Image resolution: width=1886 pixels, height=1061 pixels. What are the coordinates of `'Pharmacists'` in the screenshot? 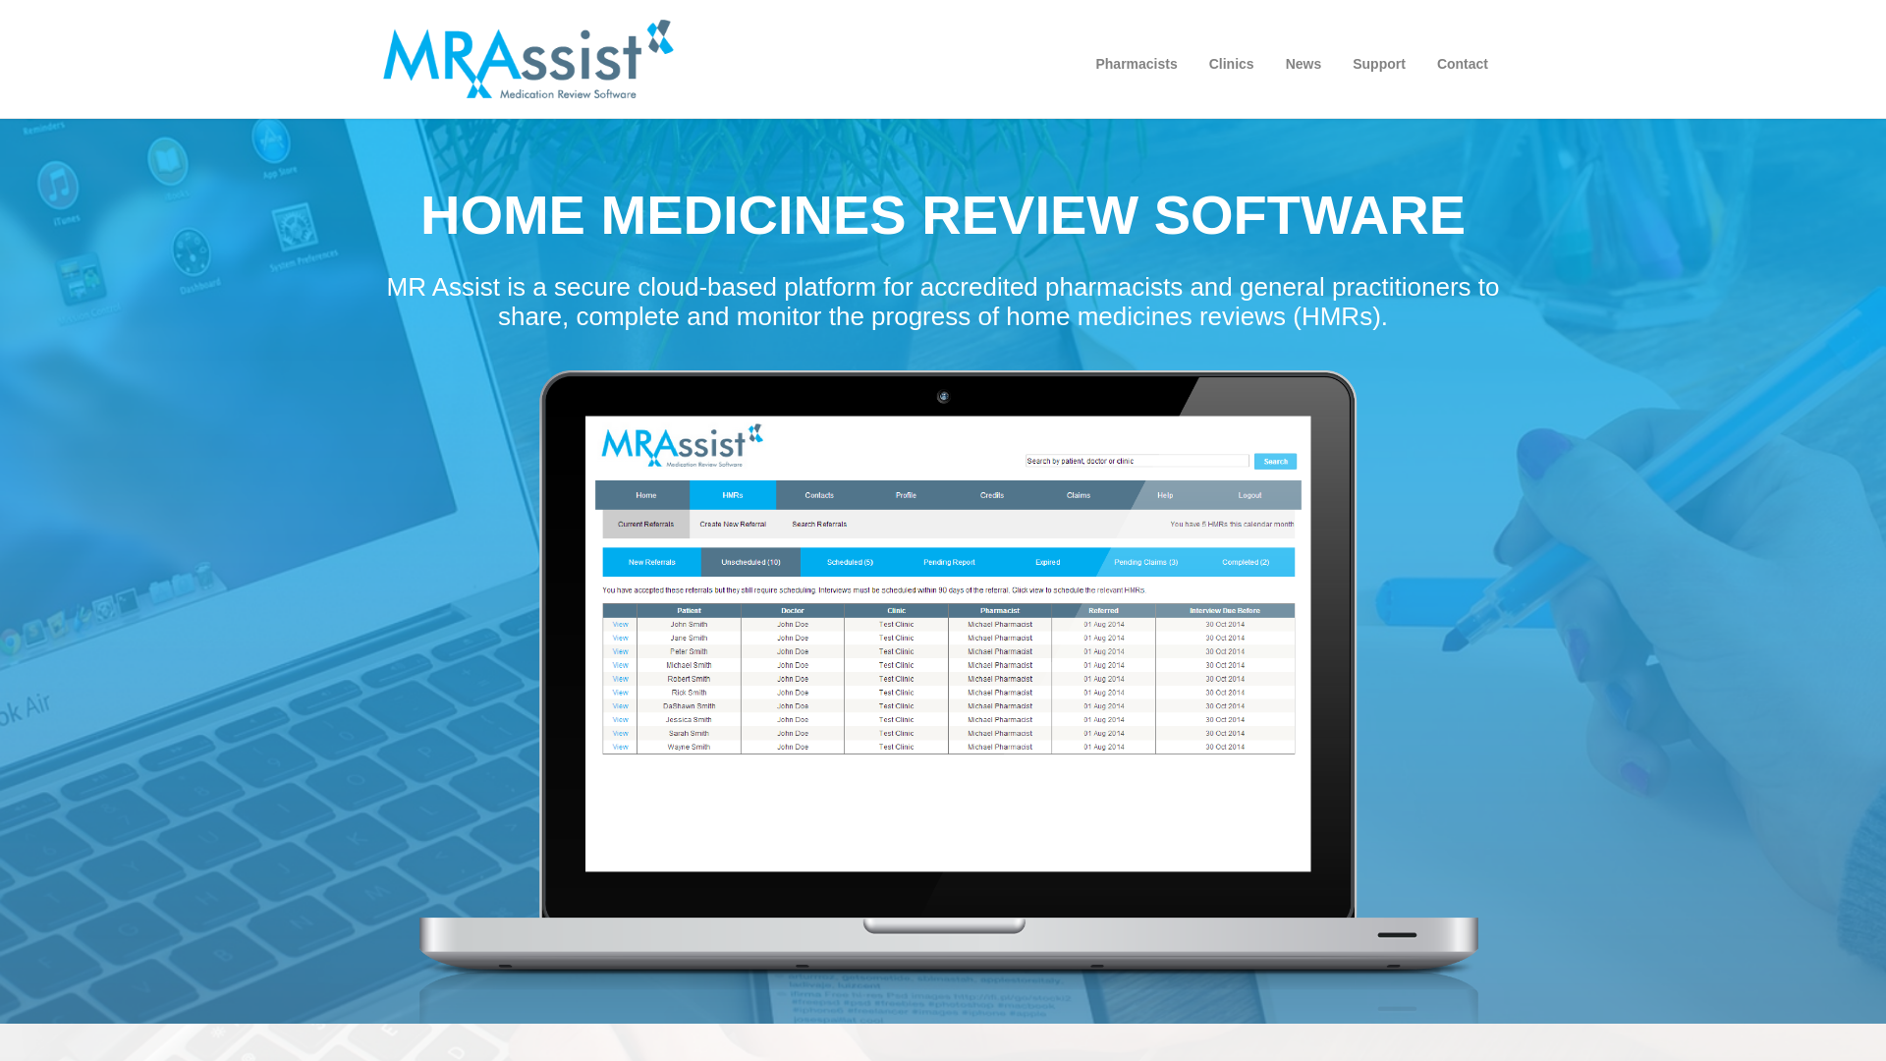 It's located at (1136, 63).